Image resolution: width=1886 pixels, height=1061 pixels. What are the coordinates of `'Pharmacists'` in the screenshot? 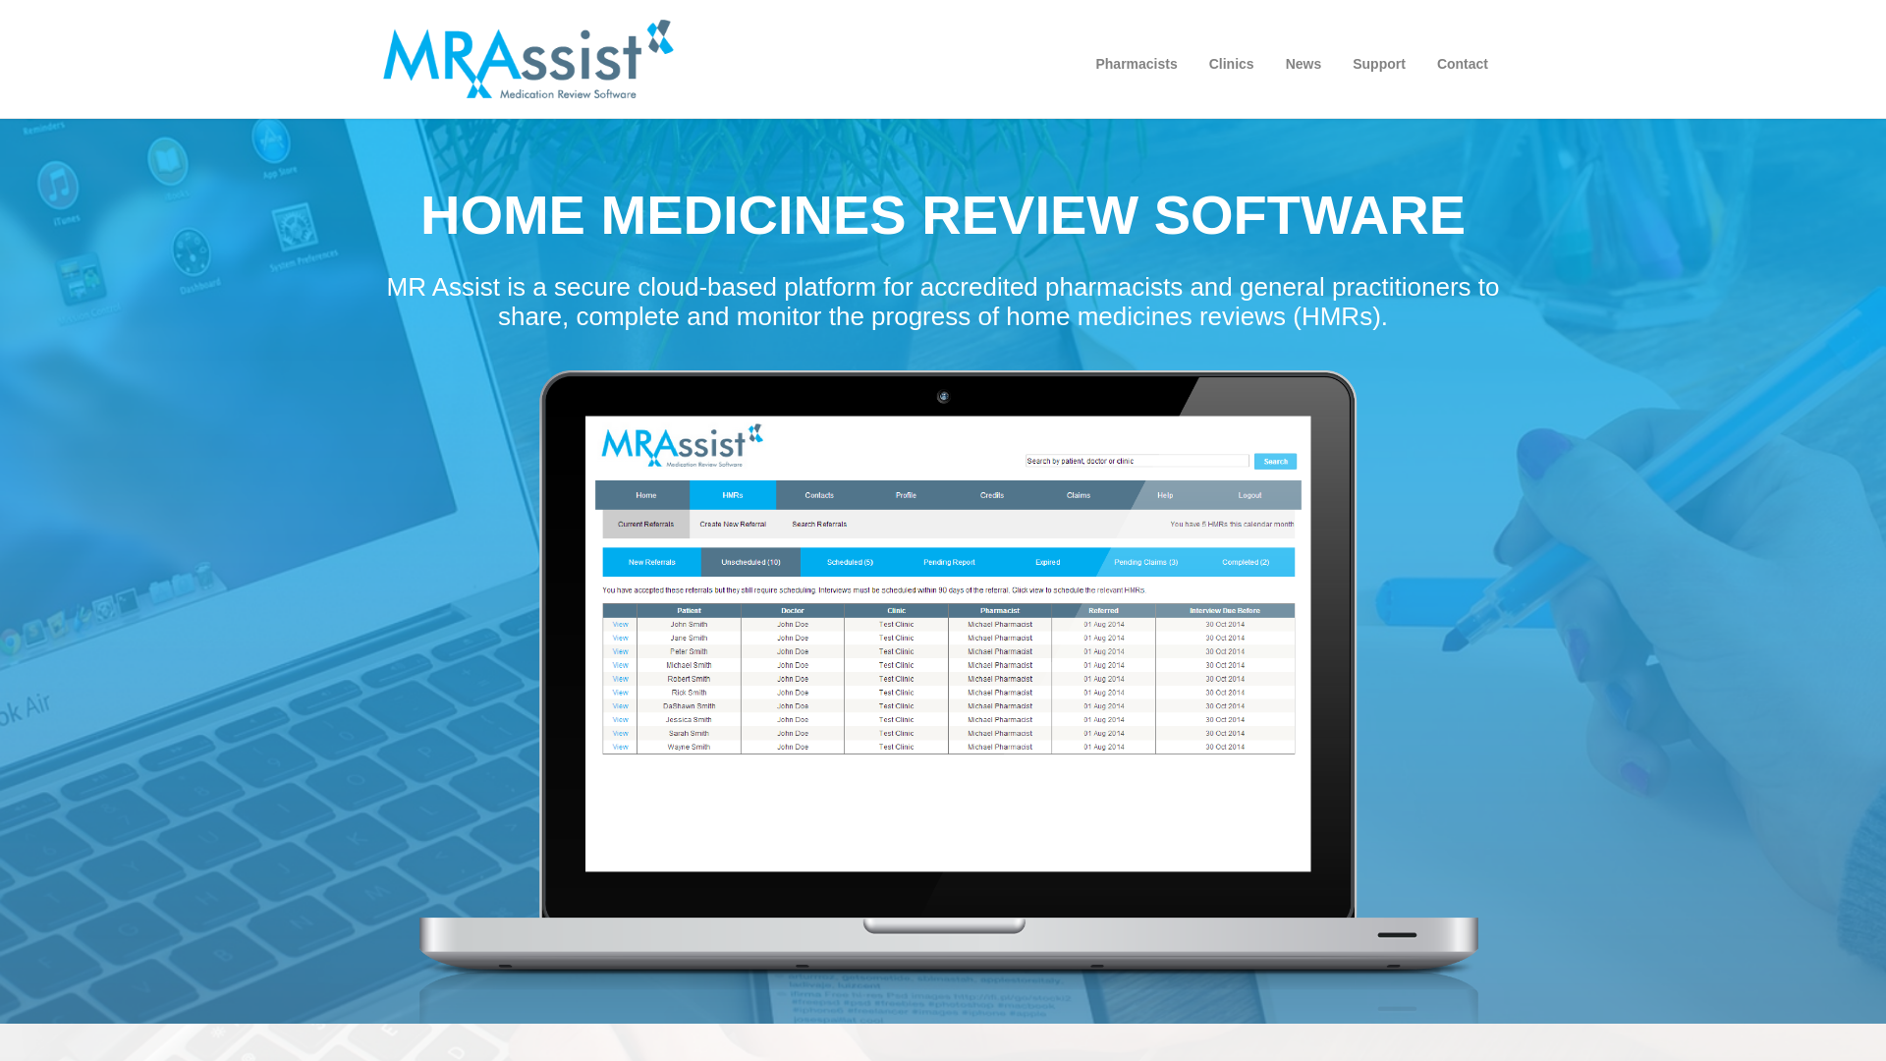 It's located at (1136, 63).